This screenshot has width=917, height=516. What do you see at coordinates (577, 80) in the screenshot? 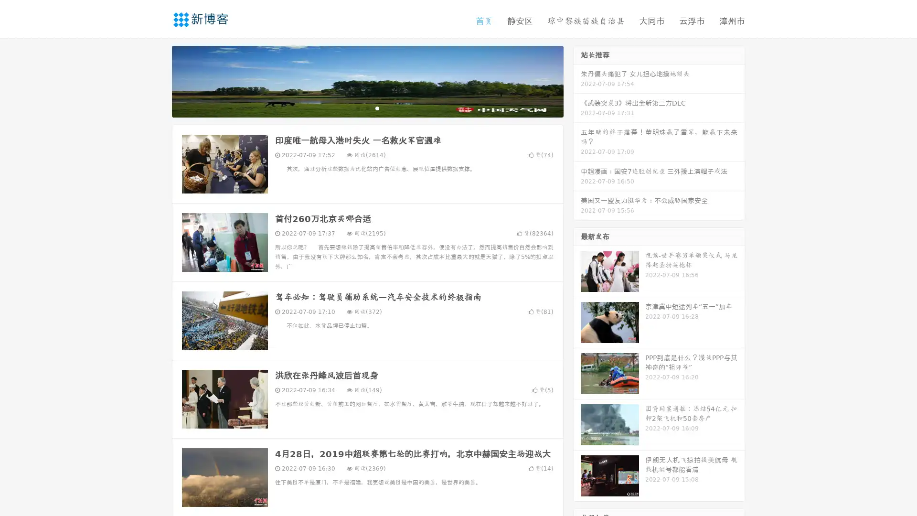
I see `Next slide` at bounding box center [577, 80].